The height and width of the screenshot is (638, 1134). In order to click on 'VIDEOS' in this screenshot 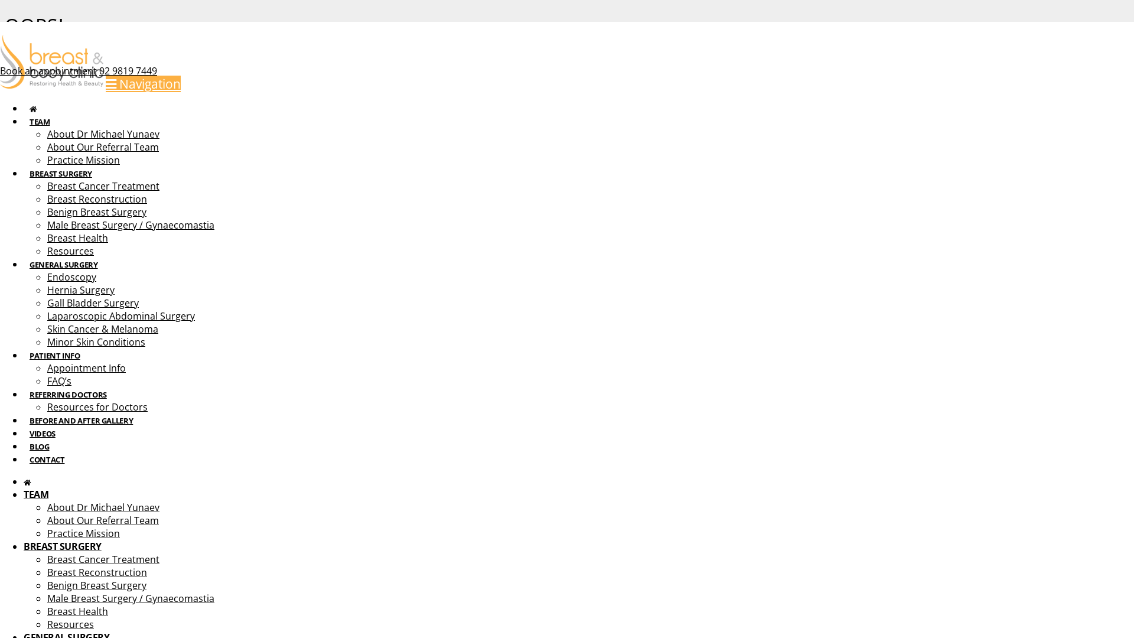, I will do `click(23, 431)`.